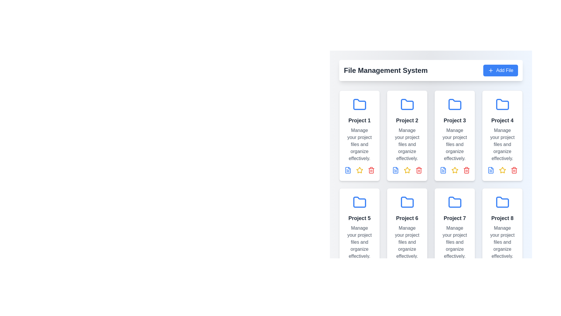 The width and height of the screenshot is (561, 316). I want to click on the folder icon located in the eighth card of the grid, positioned above the text 'Project 8' and adjacent to the description 'Manage your project files and organize effectively.', so click(502, 202).